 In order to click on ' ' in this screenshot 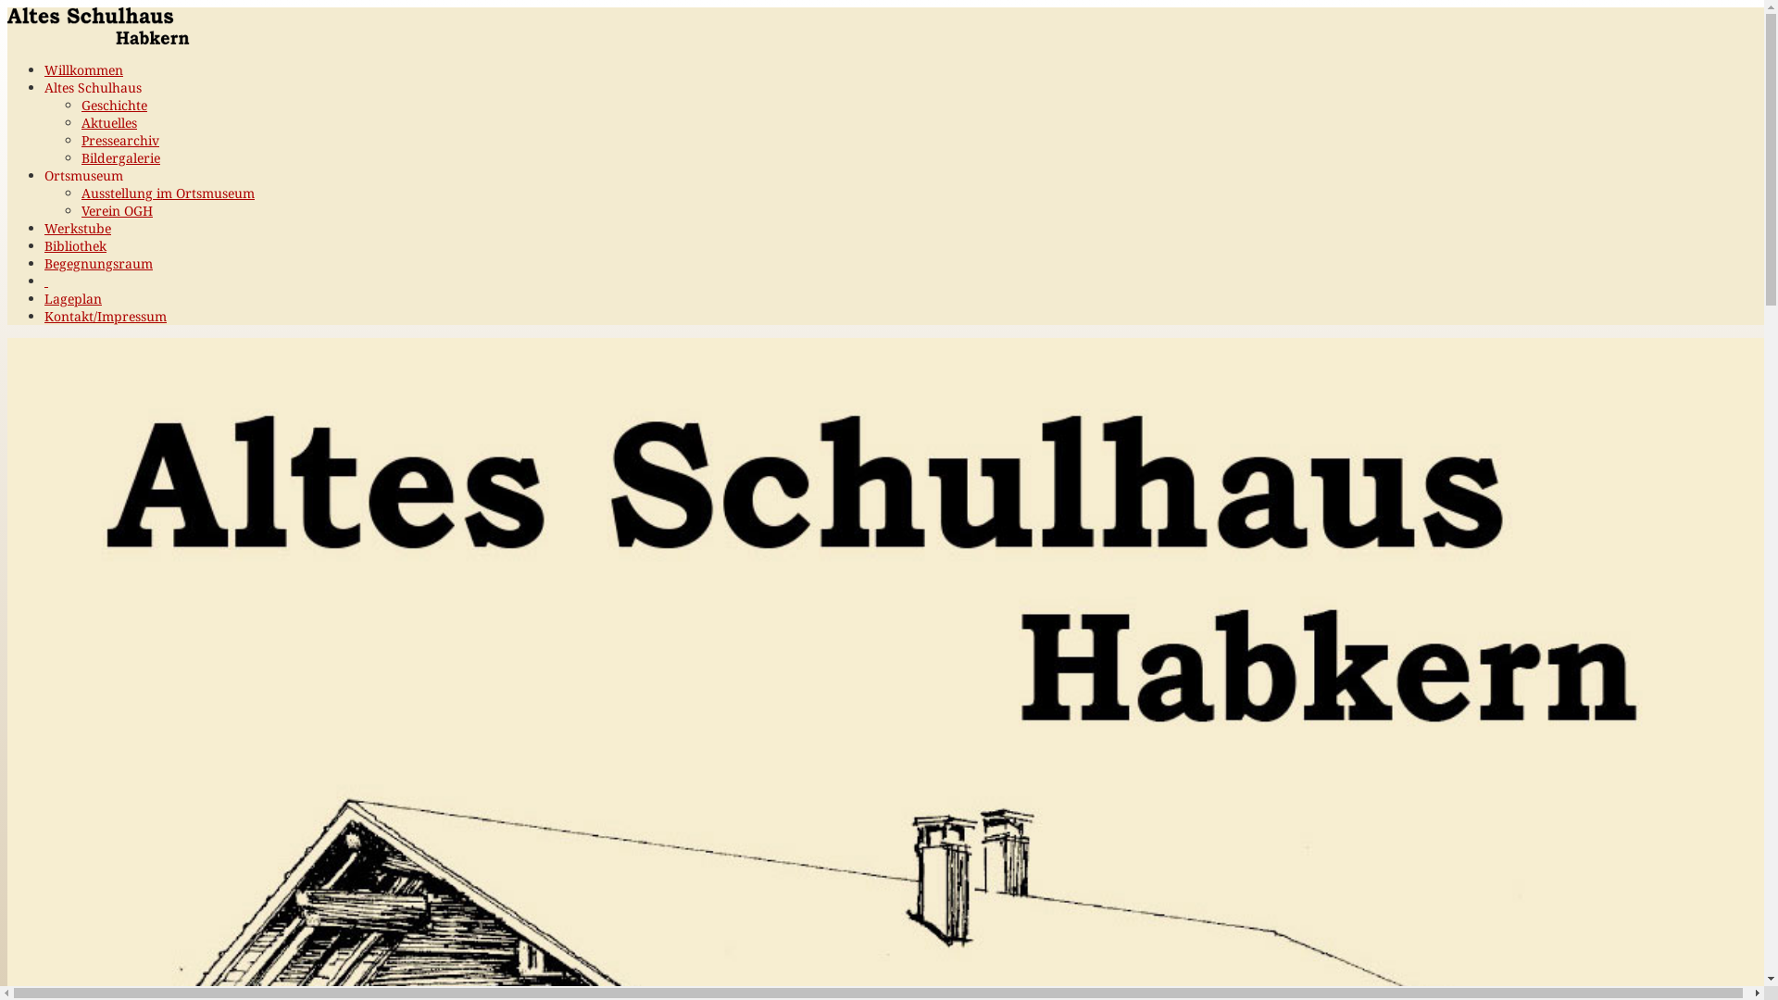, I will do `click(45, 281)`.